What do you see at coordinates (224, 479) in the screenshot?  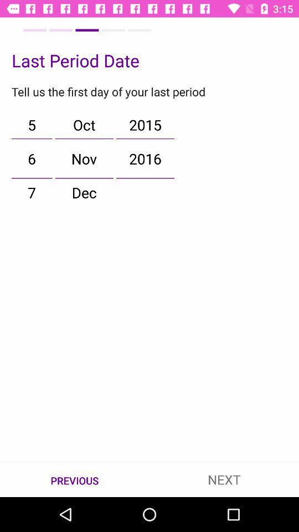 I see `the next` at bounding box center [224, 479].